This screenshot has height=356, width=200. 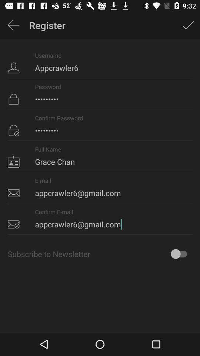 What do you see at coordinates (188, 25) in the screenshot?
I see `app to the right of the register icon` at bounding box center [188, 25].